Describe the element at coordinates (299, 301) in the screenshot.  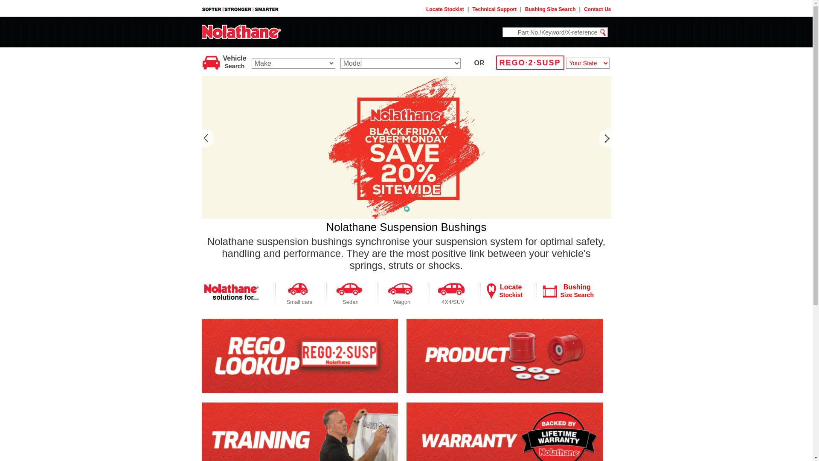
I see `'Small cars'` at that location.